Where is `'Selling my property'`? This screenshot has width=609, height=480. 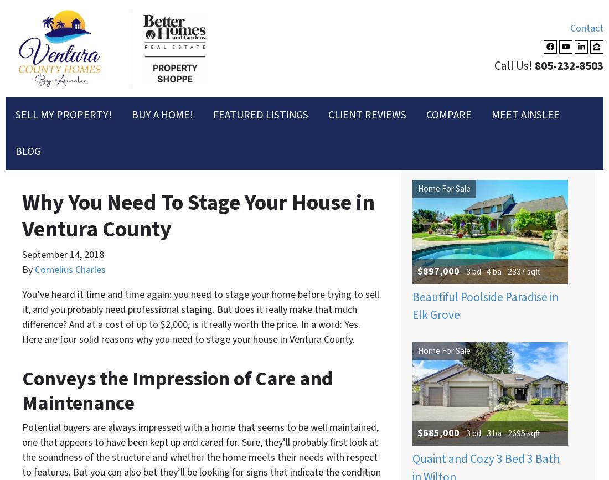
'Selling my property' is located at coordinates (89, 38).